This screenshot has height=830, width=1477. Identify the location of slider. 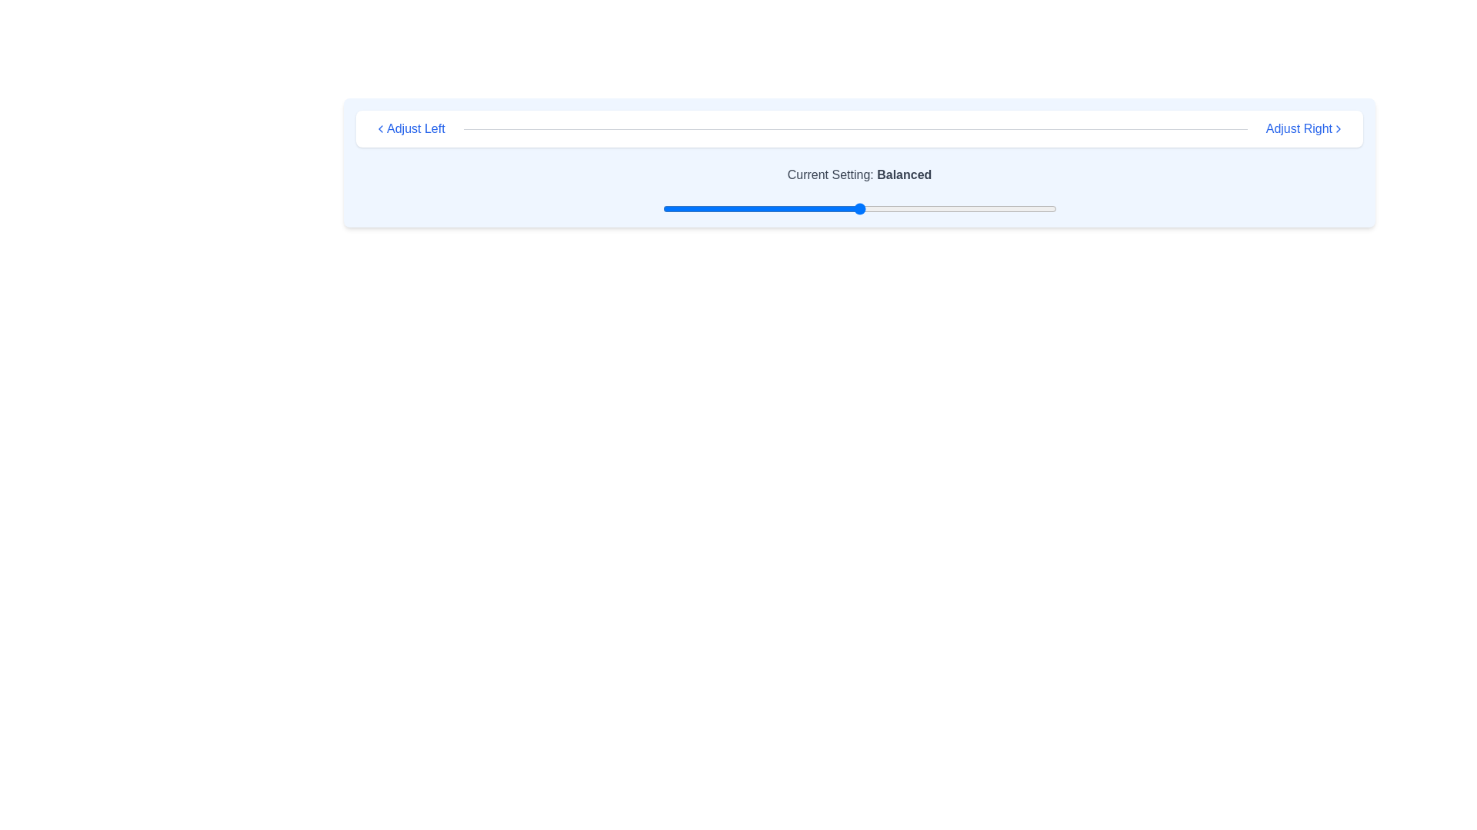
(981, 209).